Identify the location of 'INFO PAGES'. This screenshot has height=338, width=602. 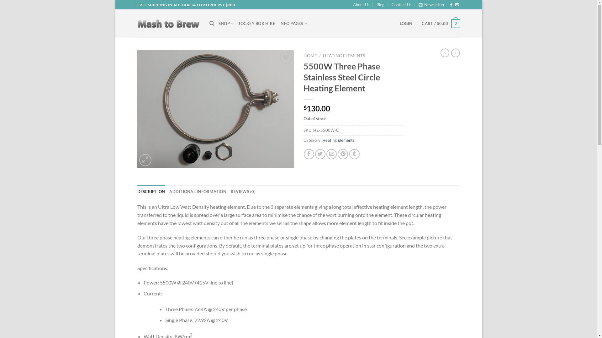
(293, 23).